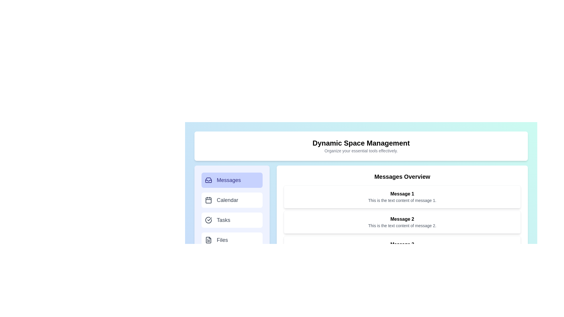  What do you see at coordinates (209, 200) in the screenshot?
I see `the 'Calendar' icon in the sidebar menu` at bounding box center [209, 200].